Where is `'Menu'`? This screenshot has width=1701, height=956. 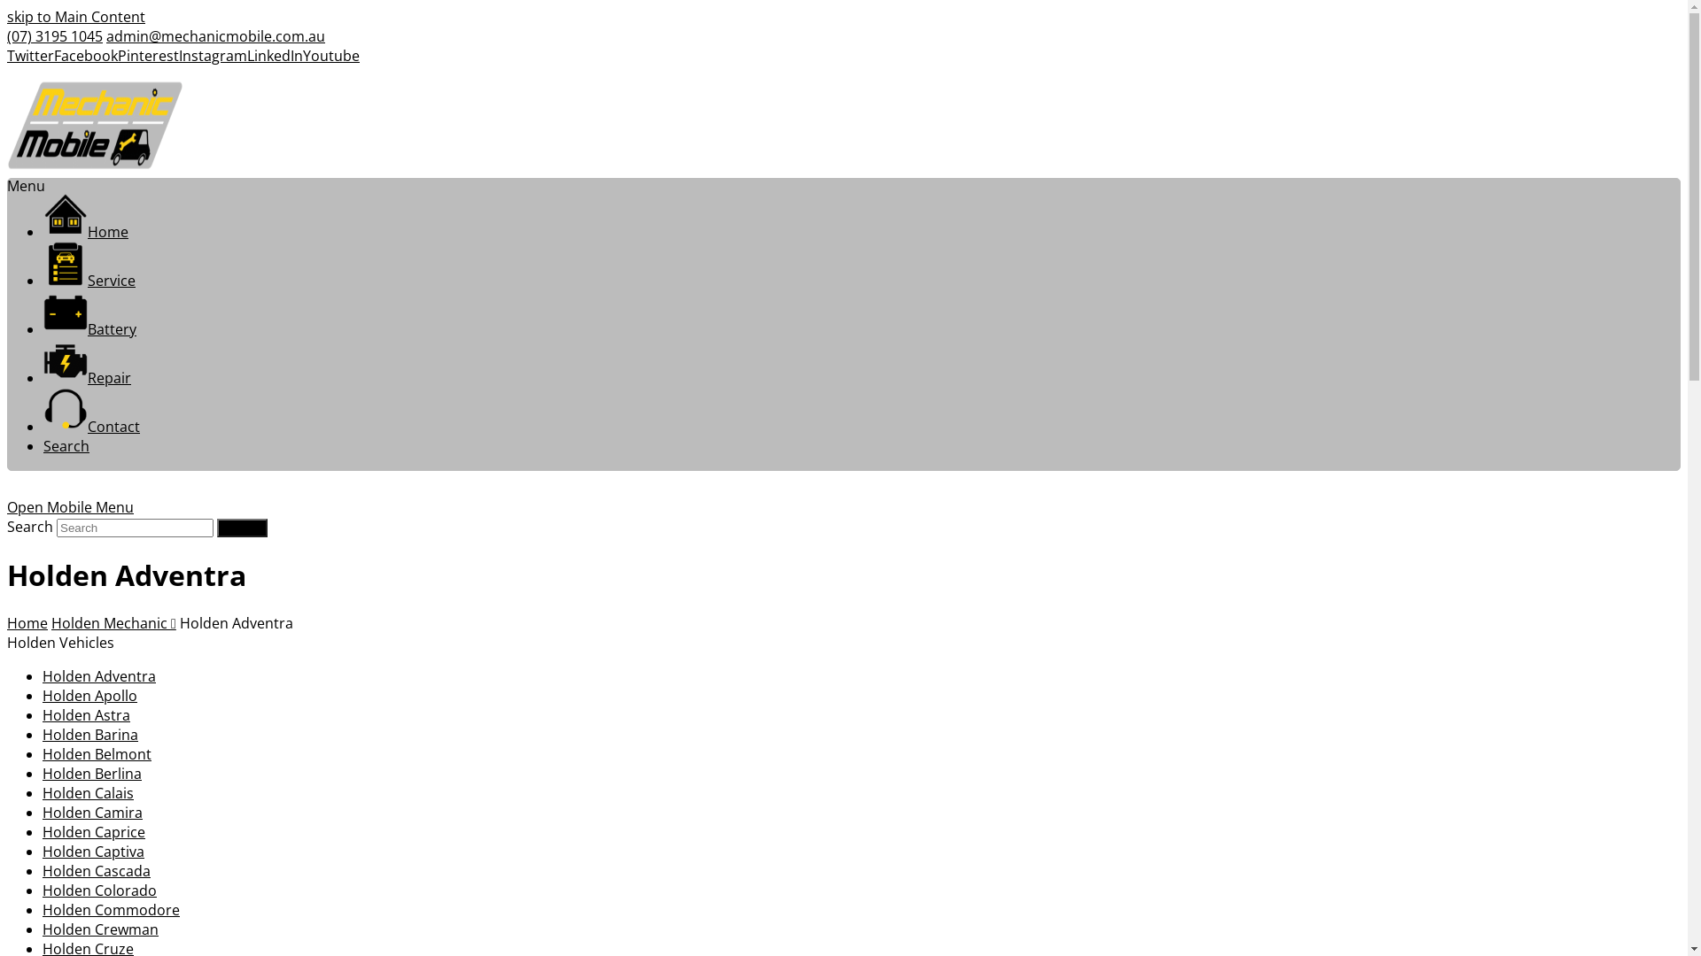 'Menu' is located at coordinates (7, 185).